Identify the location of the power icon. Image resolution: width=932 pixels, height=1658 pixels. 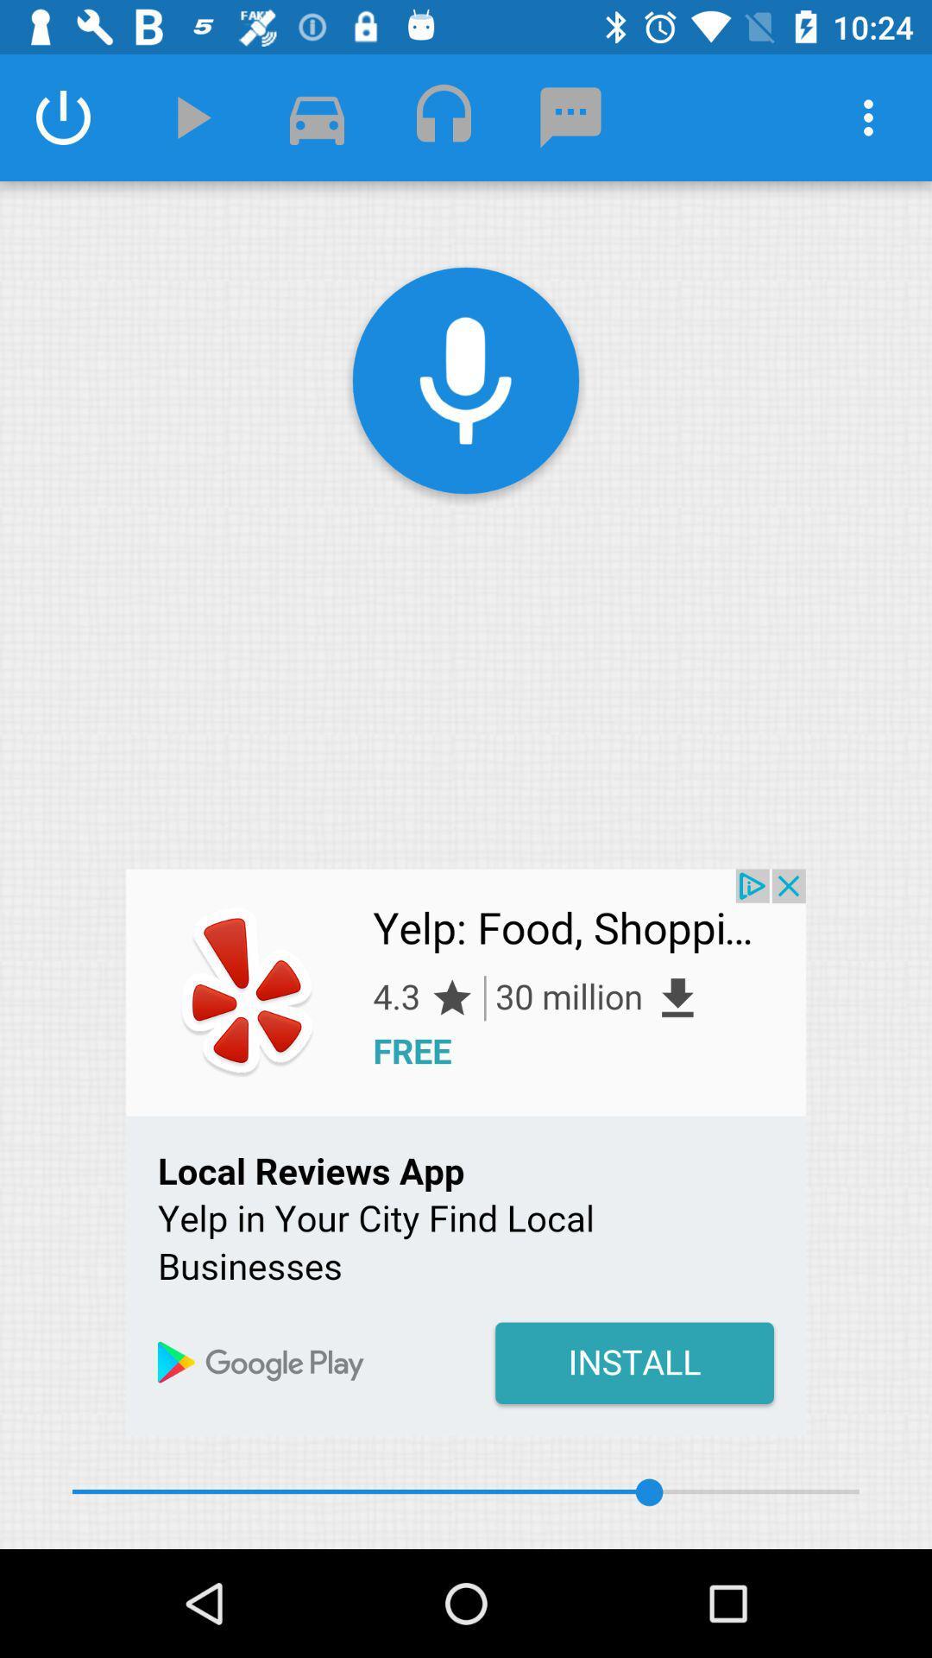
(62, 117).